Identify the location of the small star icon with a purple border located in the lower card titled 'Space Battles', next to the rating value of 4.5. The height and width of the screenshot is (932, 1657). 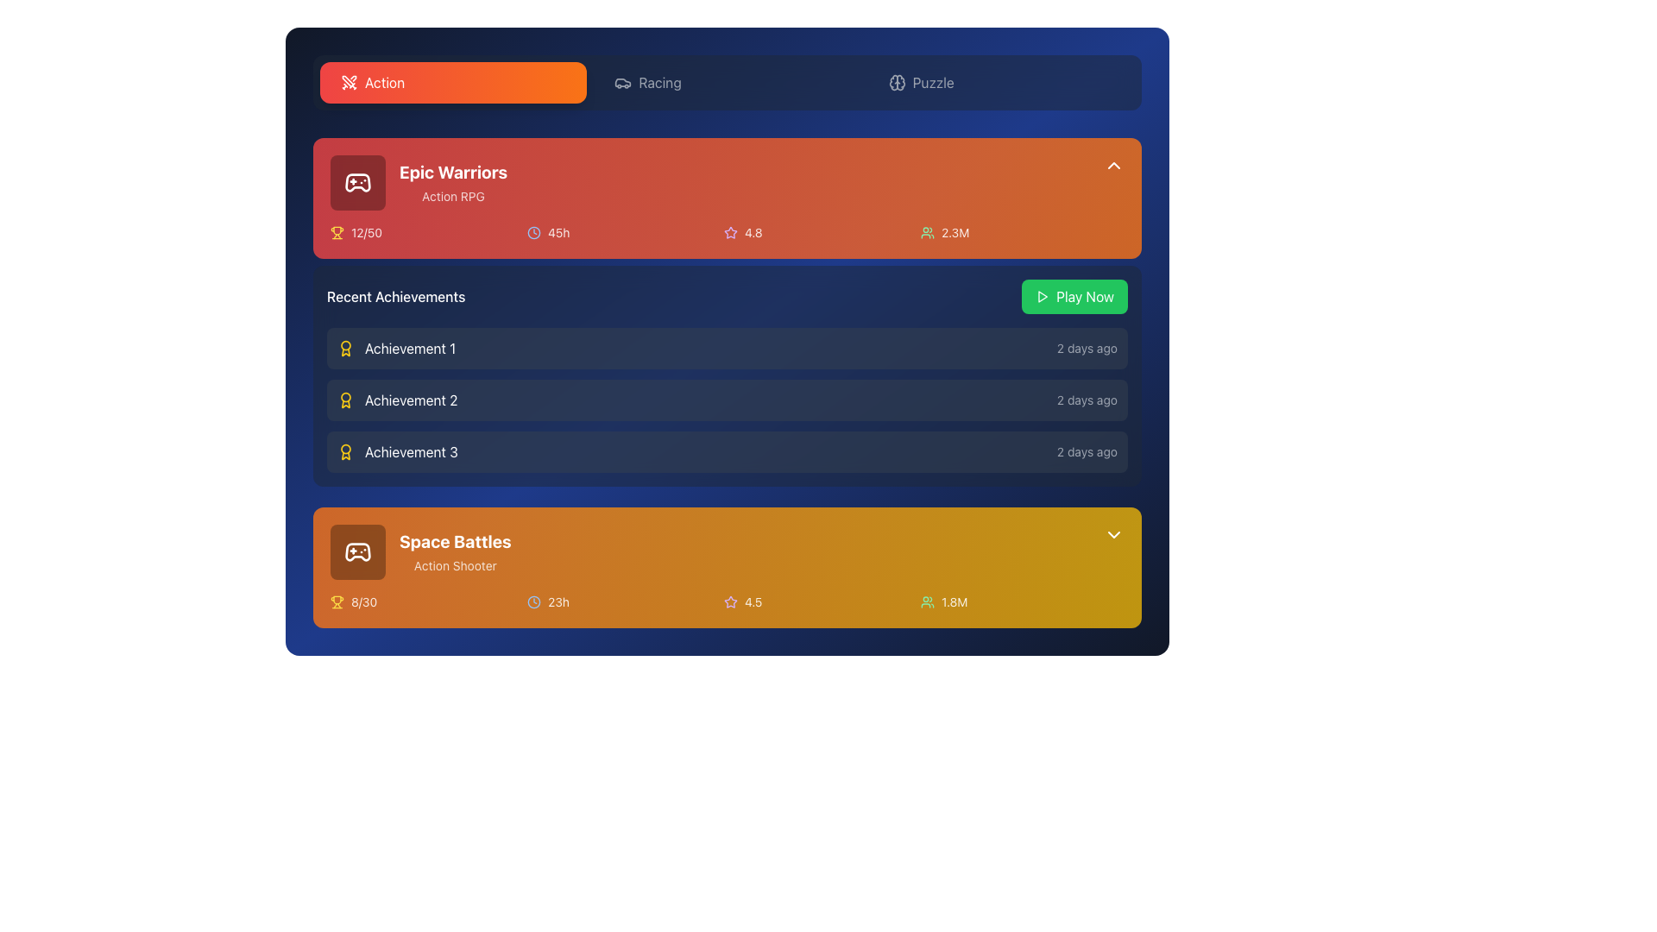
(730, 601).